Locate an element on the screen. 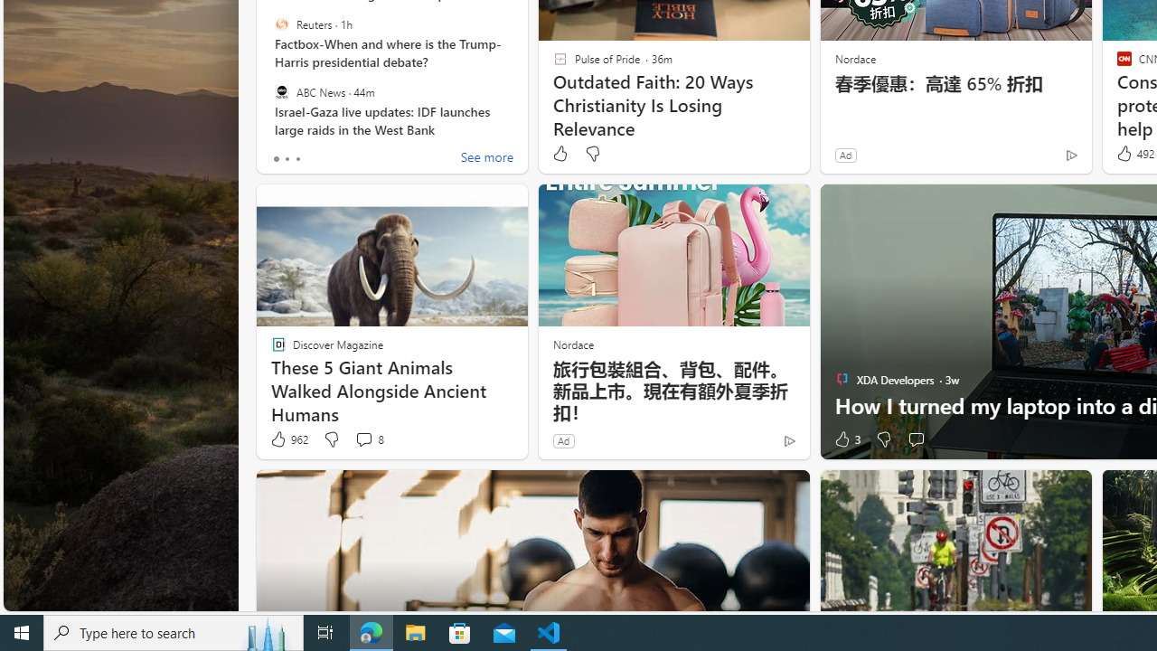  'Reuters' is located at coordinates (280, 24).